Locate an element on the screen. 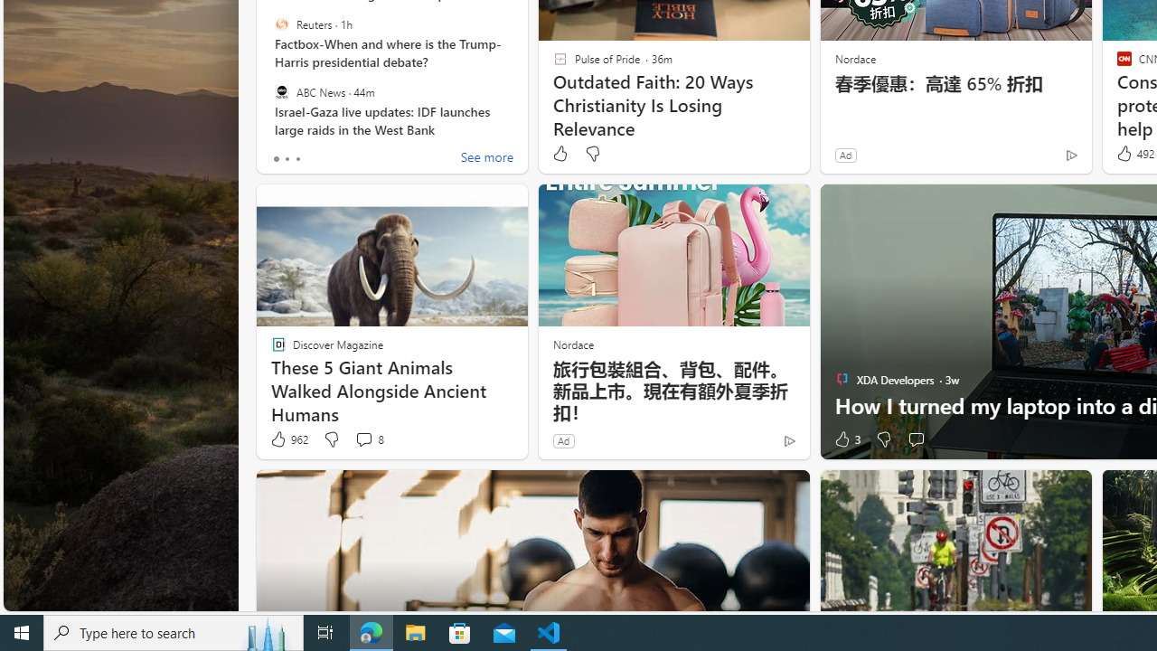  'Reuters' is located at coordinates (280, 24).